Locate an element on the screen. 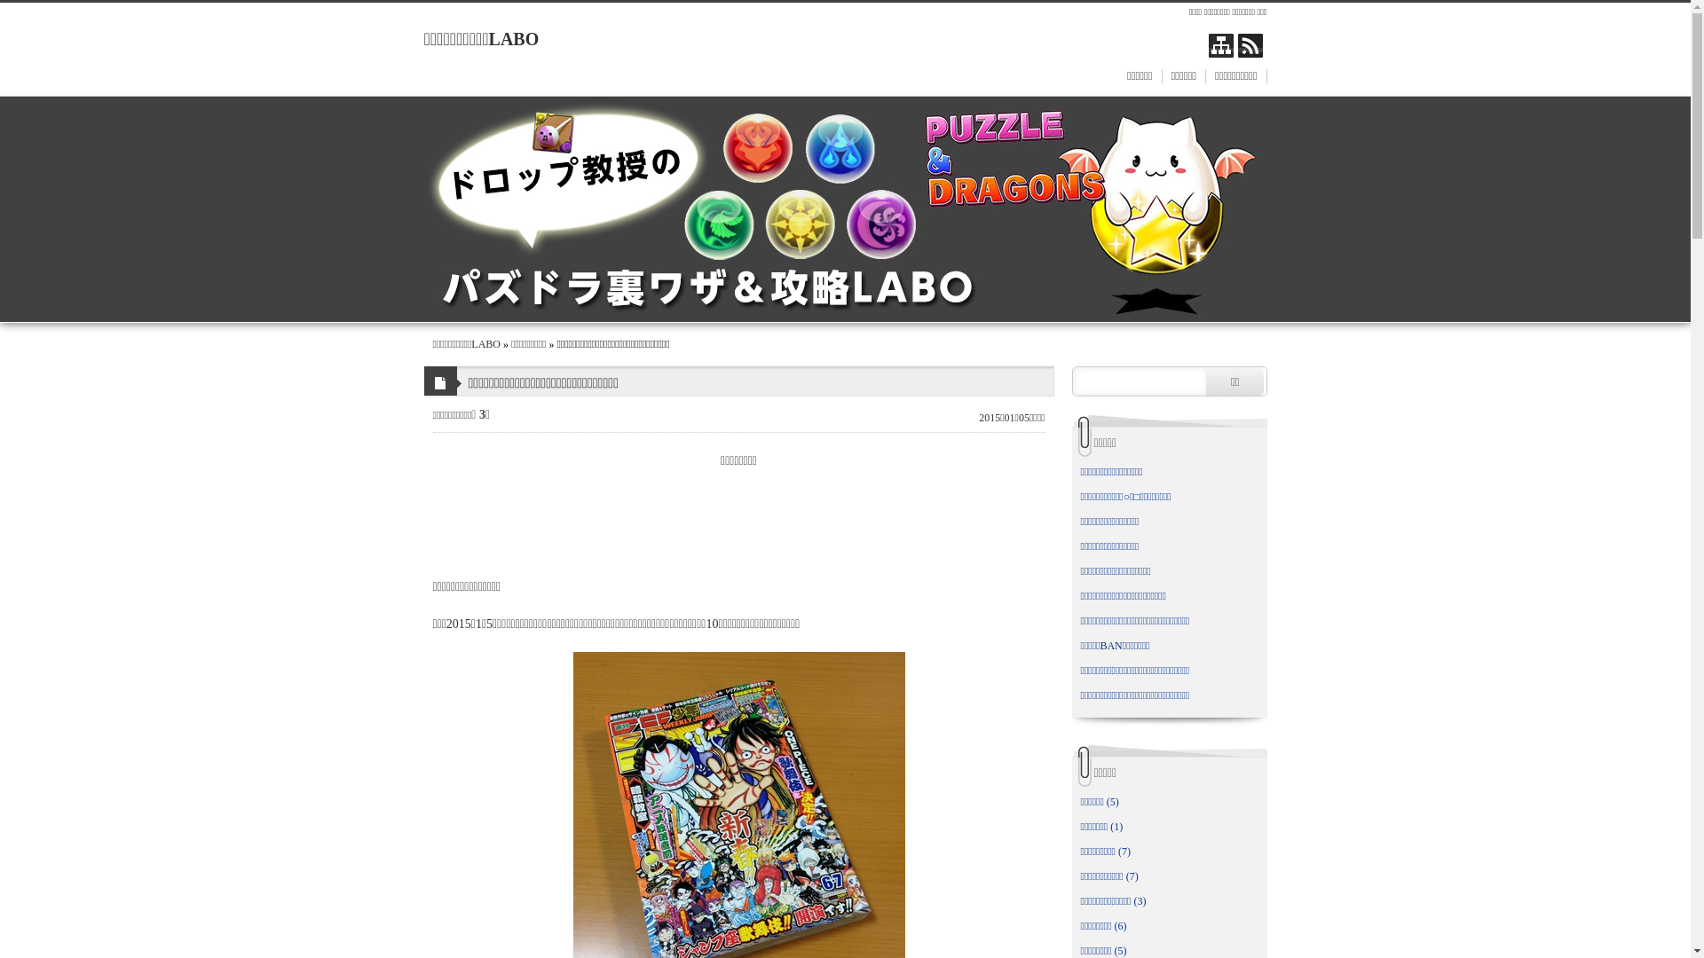  'Advertisement' is located at coordinates (738, 514).